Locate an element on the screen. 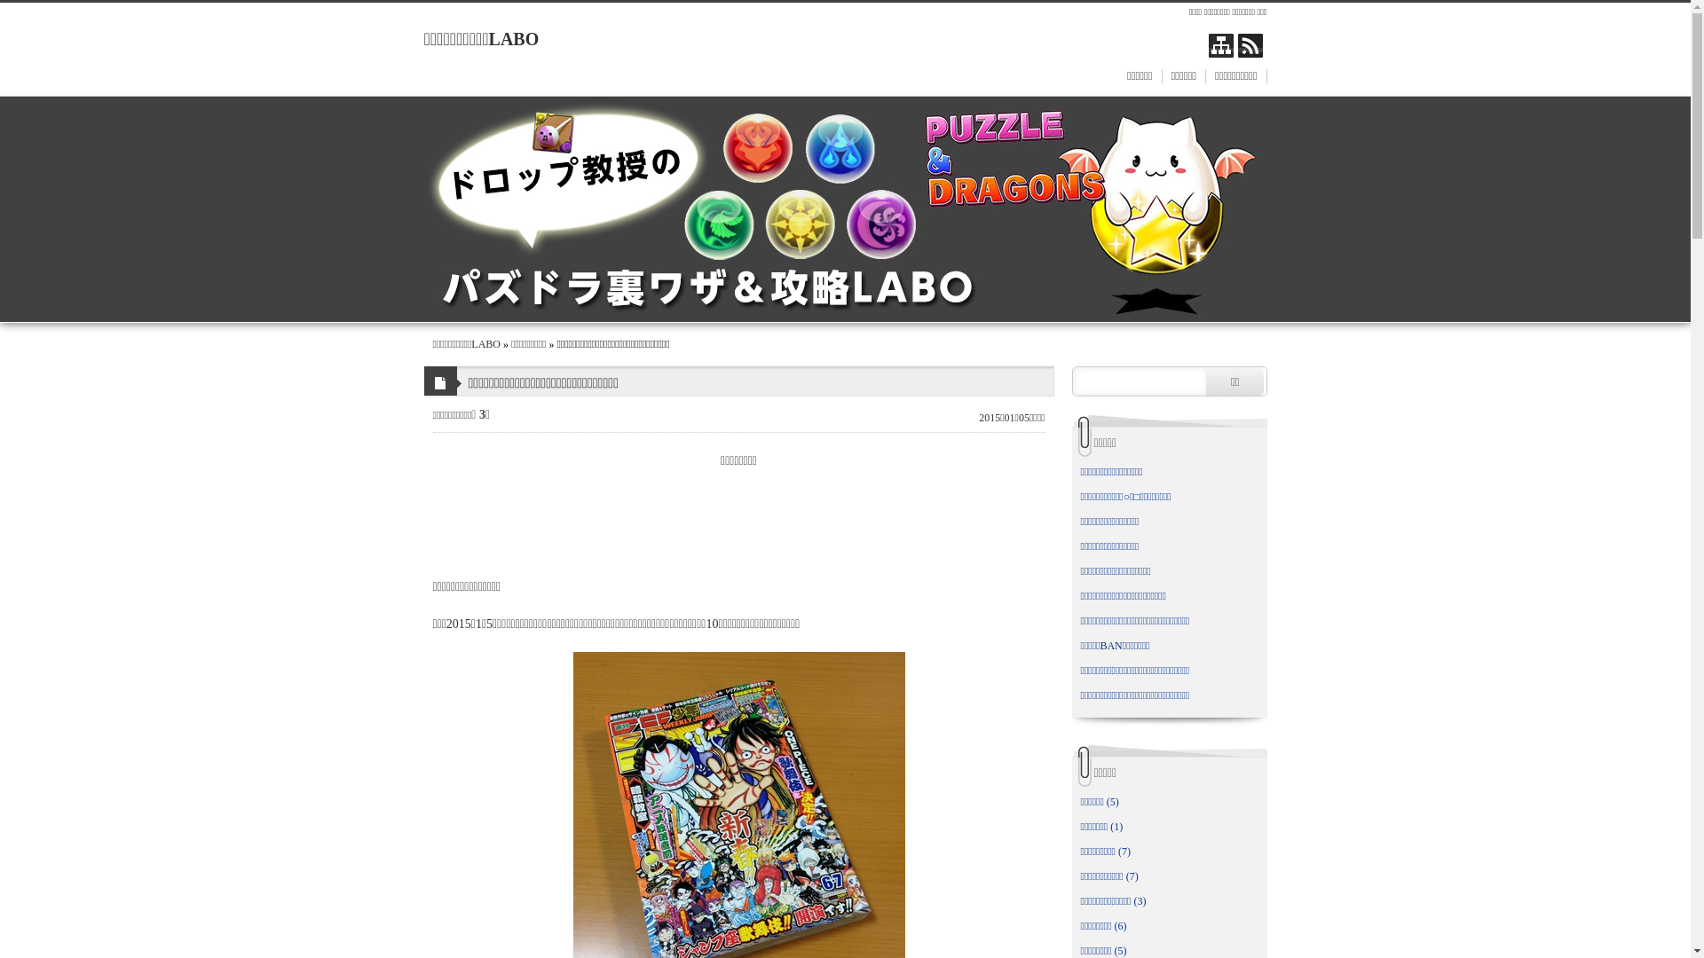  'Advertisement' is located at coordinates (738, 514).